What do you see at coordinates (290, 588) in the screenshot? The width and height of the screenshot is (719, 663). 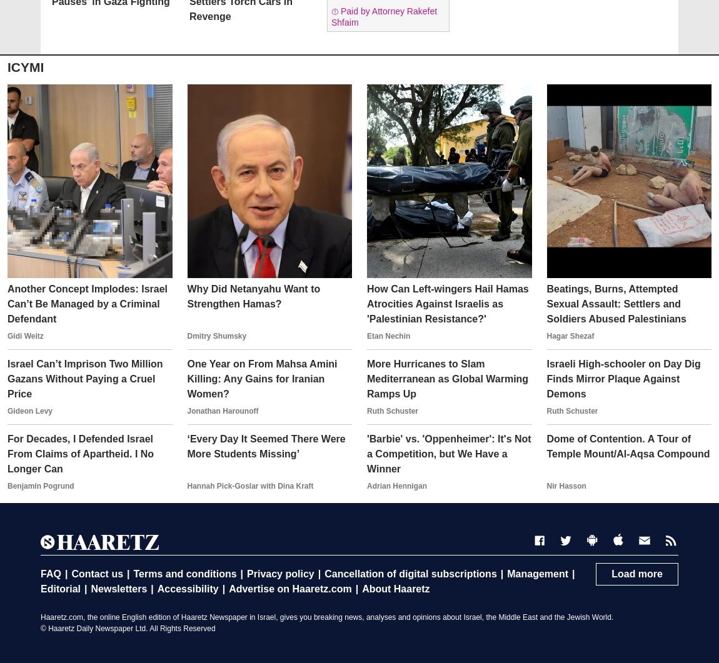 I see `'Advertise on Haaretz.com'` at bounding box center [290, 588].